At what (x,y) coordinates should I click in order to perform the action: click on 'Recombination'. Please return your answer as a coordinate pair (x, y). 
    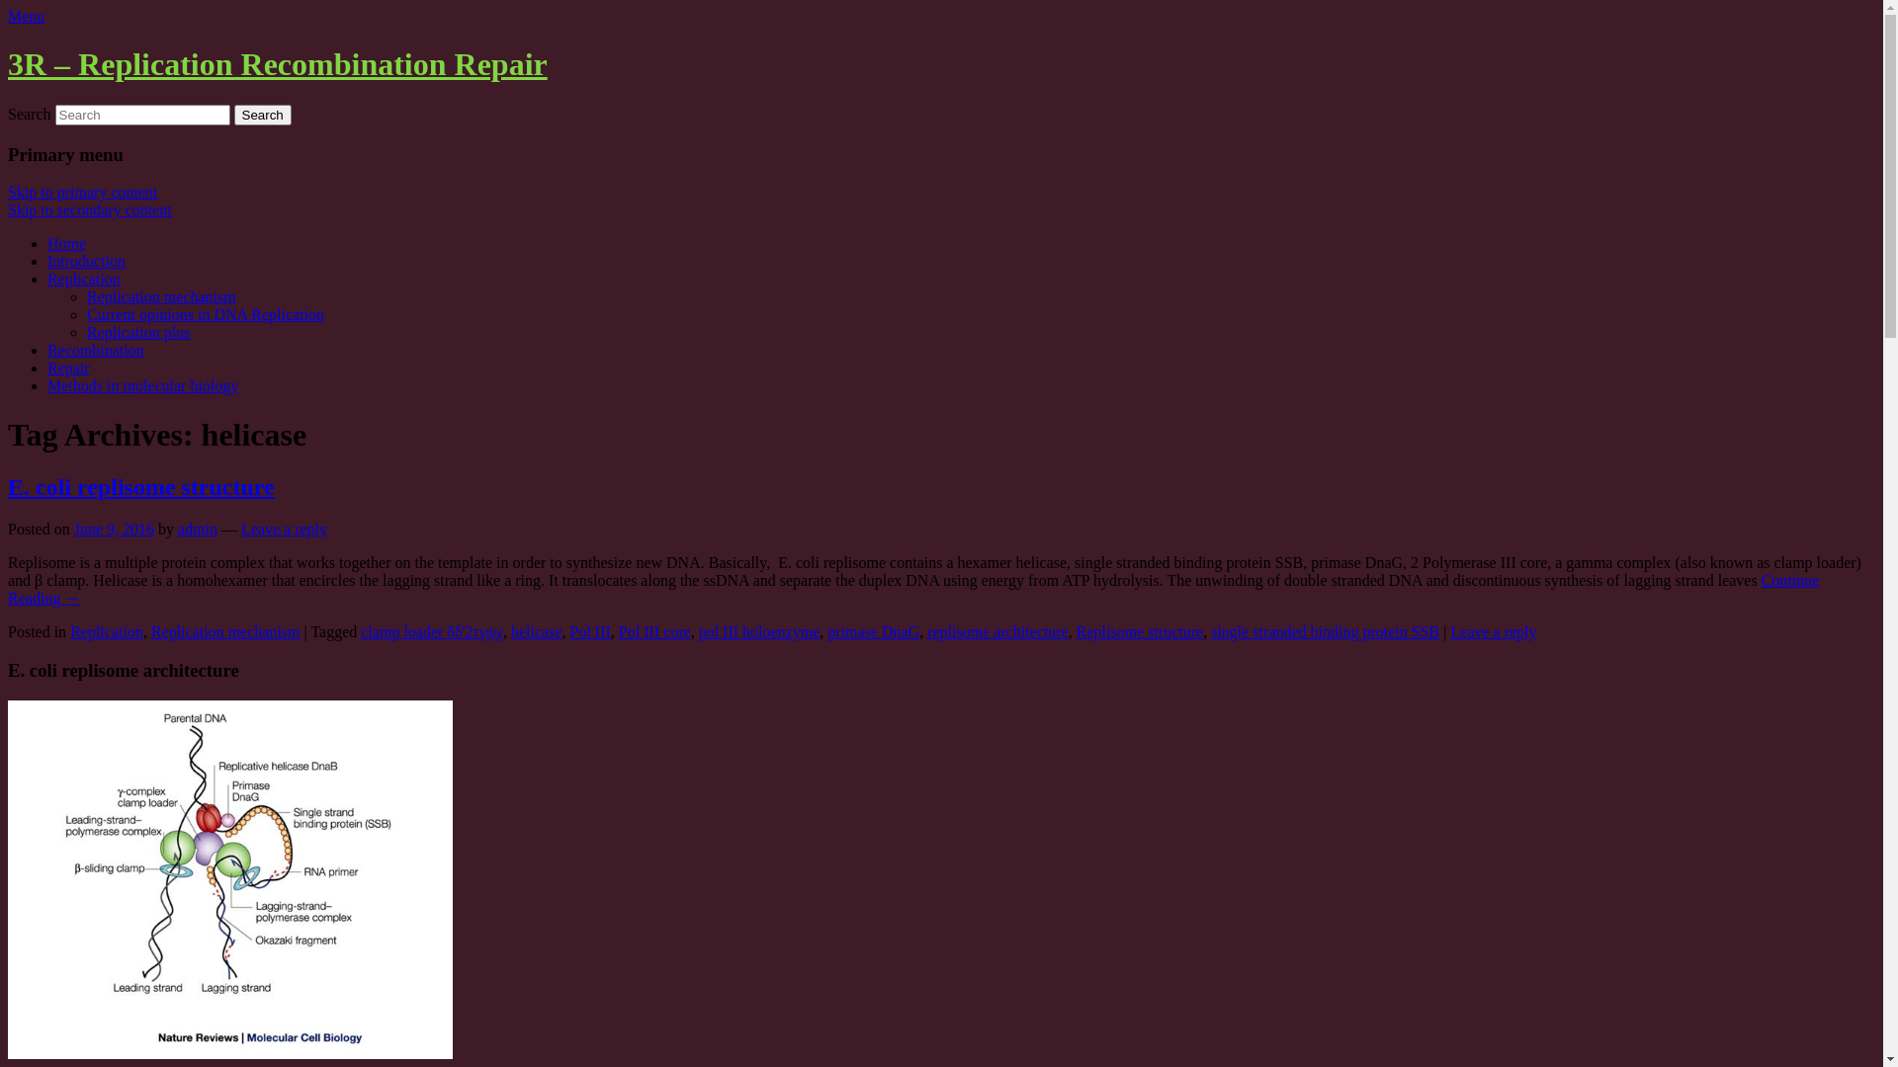
    Looking at the image, I should click on (94, 349).